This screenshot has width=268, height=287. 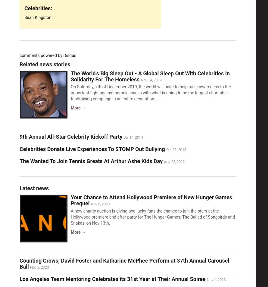 I want to click on 'Latest news', so click(x=19, y=188).